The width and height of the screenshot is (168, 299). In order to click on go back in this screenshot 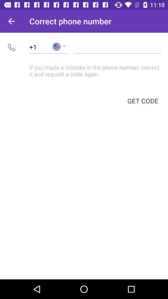, I will do `click(11, 21)`.